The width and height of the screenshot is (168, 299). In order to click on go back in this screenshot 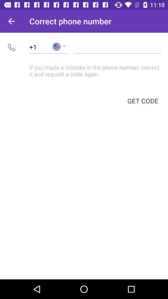, I will do `click(11, 21)`.